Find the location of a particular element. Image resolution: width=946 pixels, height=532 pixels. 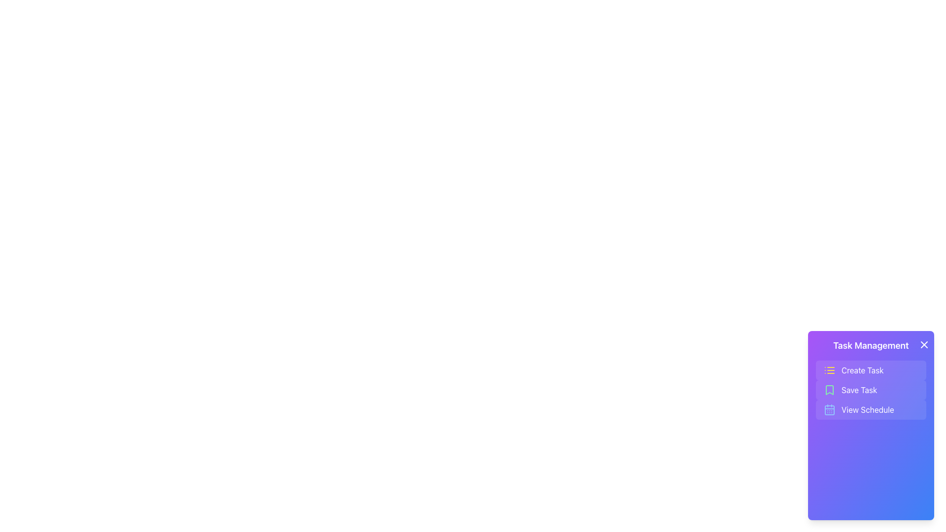

the 'Save Task' button located in the floating panel titled 'Task Management', situated centrally on the right-hand side of the interface is located at coordinates (871, 379).